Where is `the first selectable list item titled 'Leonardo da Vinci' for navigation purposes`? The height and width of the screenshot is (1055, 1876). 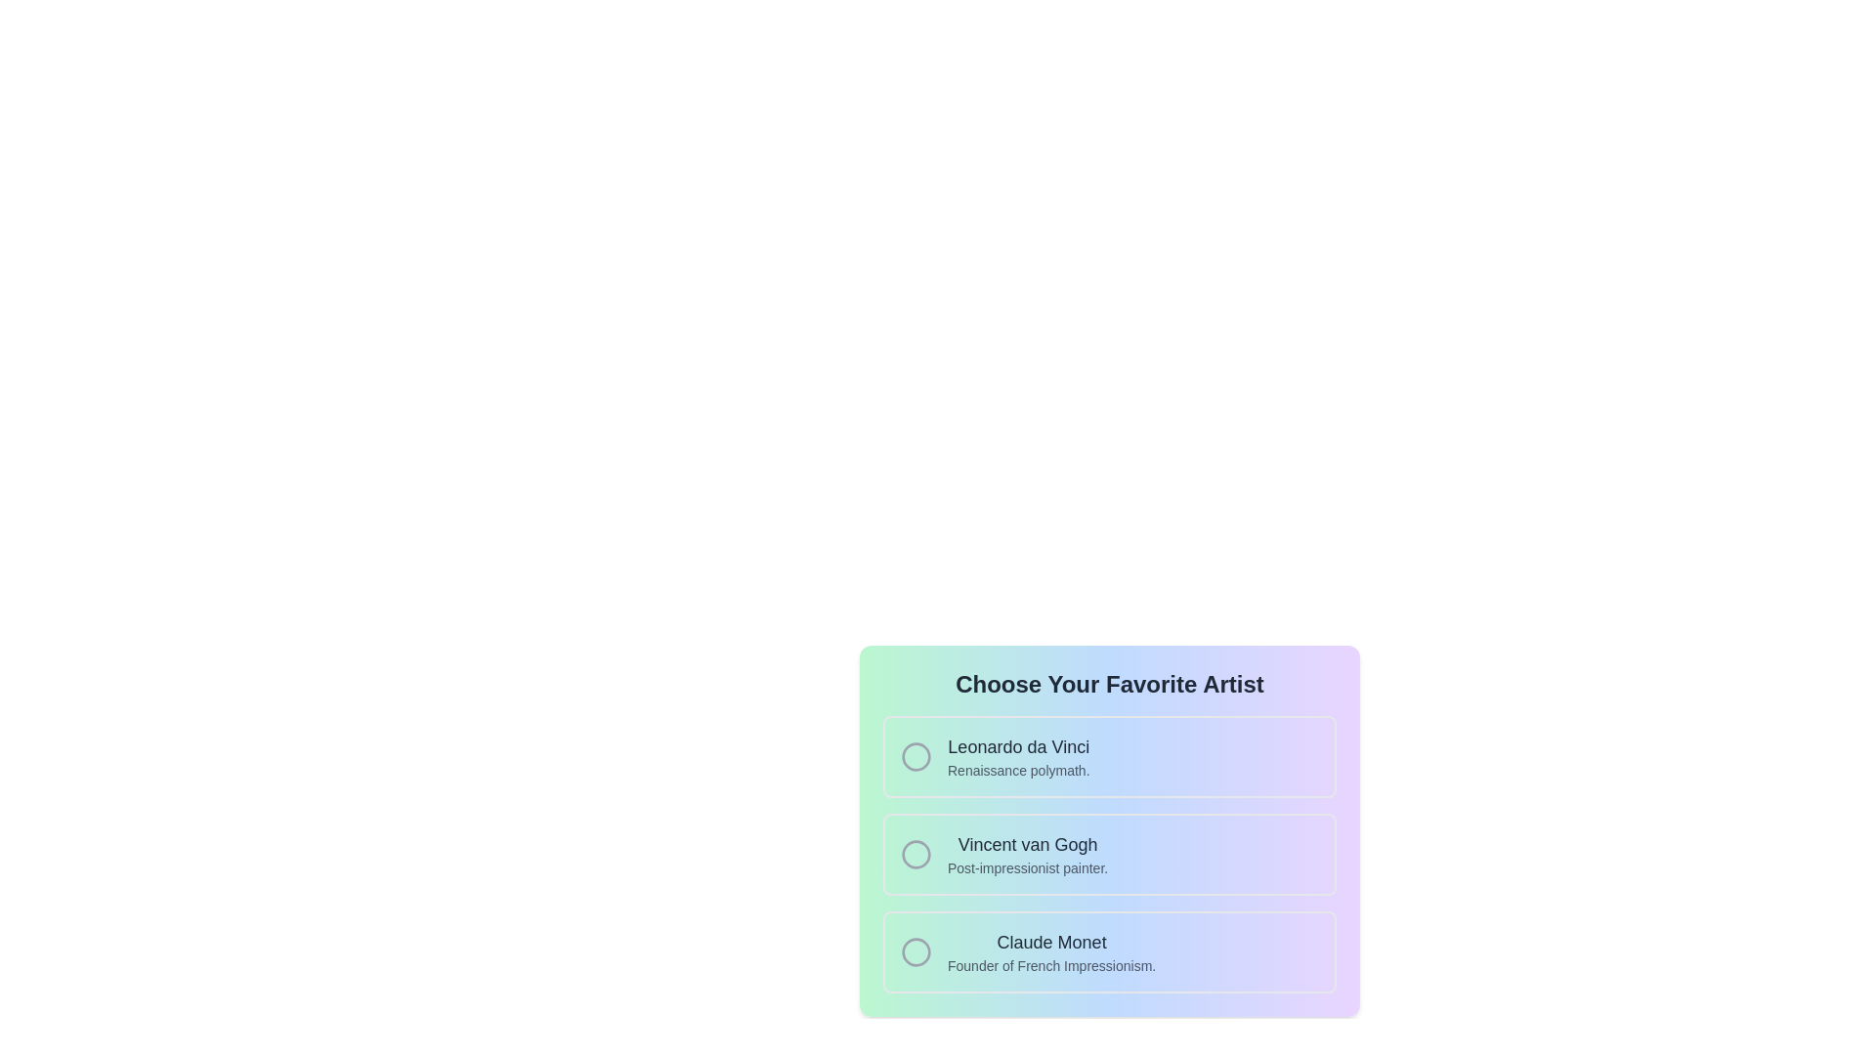 the first selectable list item titled 'Leonardo da Vinci' for navigation purposes is located at coordinates (1110, 756).